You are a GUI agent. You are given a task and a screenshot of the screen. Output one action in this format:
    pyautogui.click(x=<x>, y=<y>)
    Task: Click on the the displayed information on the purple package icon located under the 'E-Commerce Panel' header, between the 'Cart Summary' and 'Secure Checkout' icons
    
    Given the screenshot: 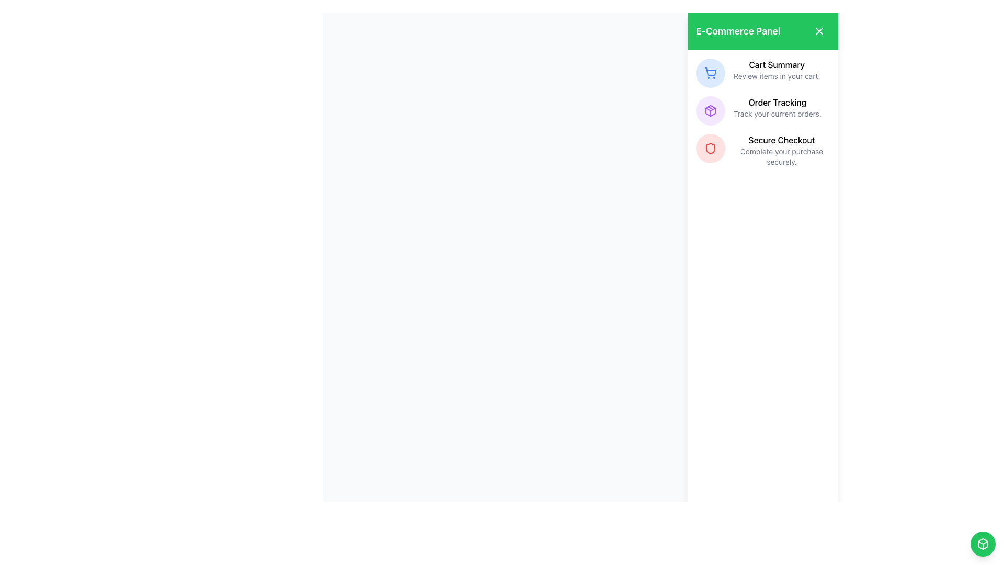 What is the action you would take?
    pyautogui.click(x=710, y=111)
    